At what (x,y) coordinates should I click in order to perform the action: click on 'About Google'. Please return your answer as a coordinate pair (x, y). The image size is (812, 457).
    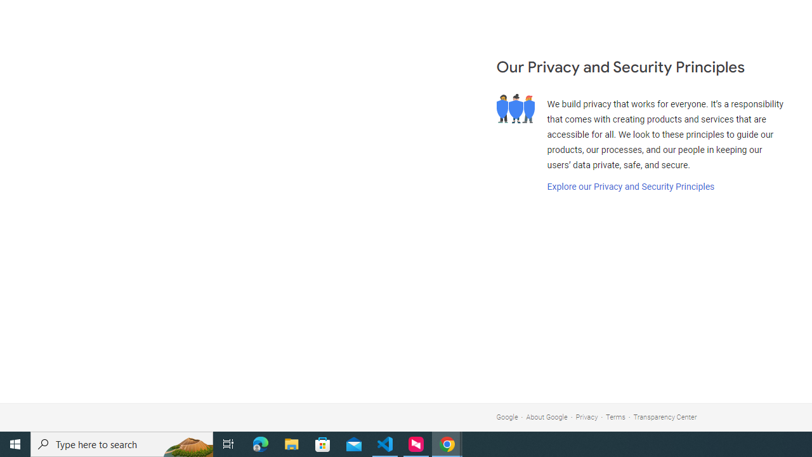
    Looking at the image, I should click on (547, 417).